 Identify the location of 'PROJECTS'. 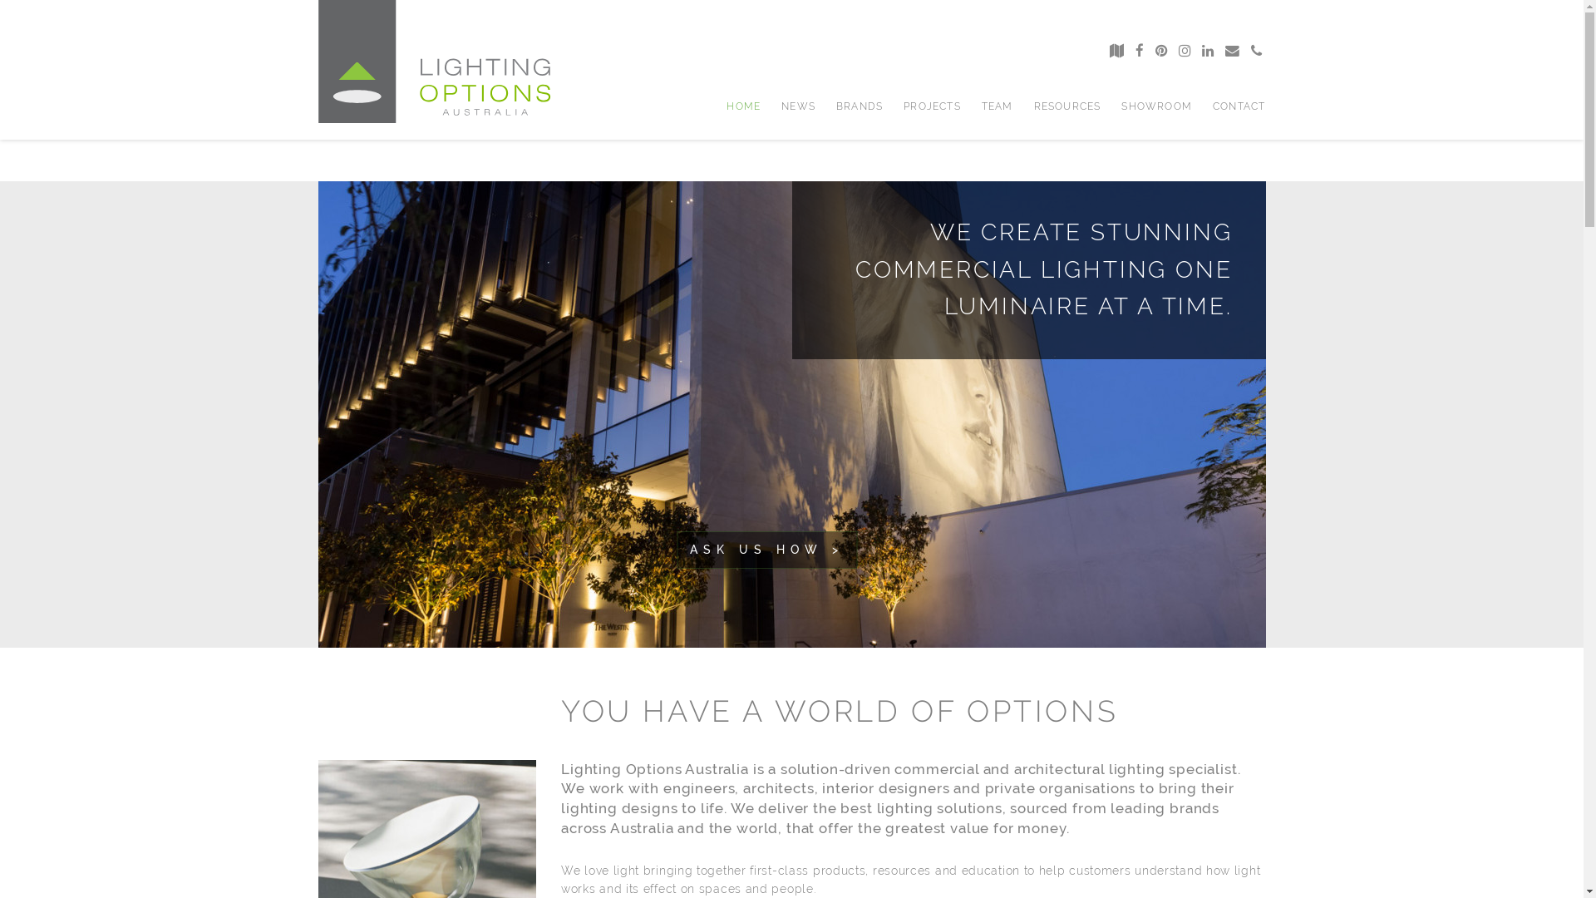
(932, 106).